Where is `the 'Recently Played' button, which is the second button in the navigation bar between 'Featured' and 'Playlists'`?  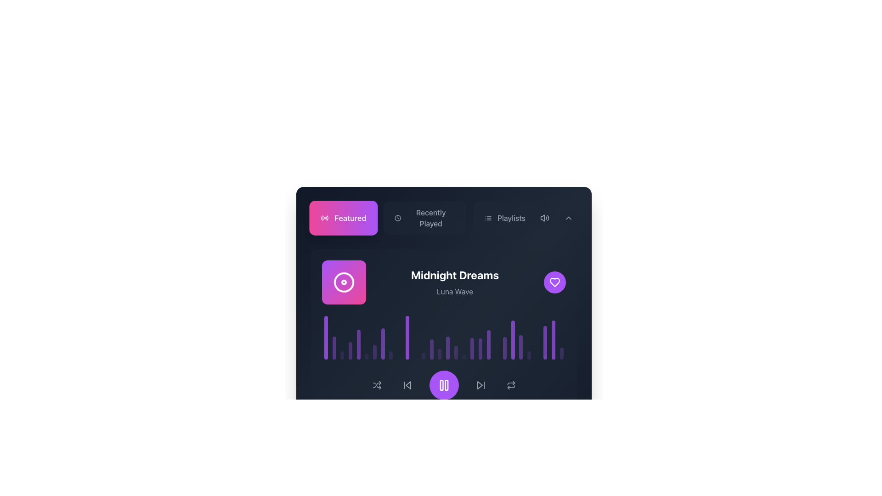 the 'Recently Played' button, which is the second button in the navigation bar between 'Featured' and 'Playlists' is located at coordinates (444, 218).